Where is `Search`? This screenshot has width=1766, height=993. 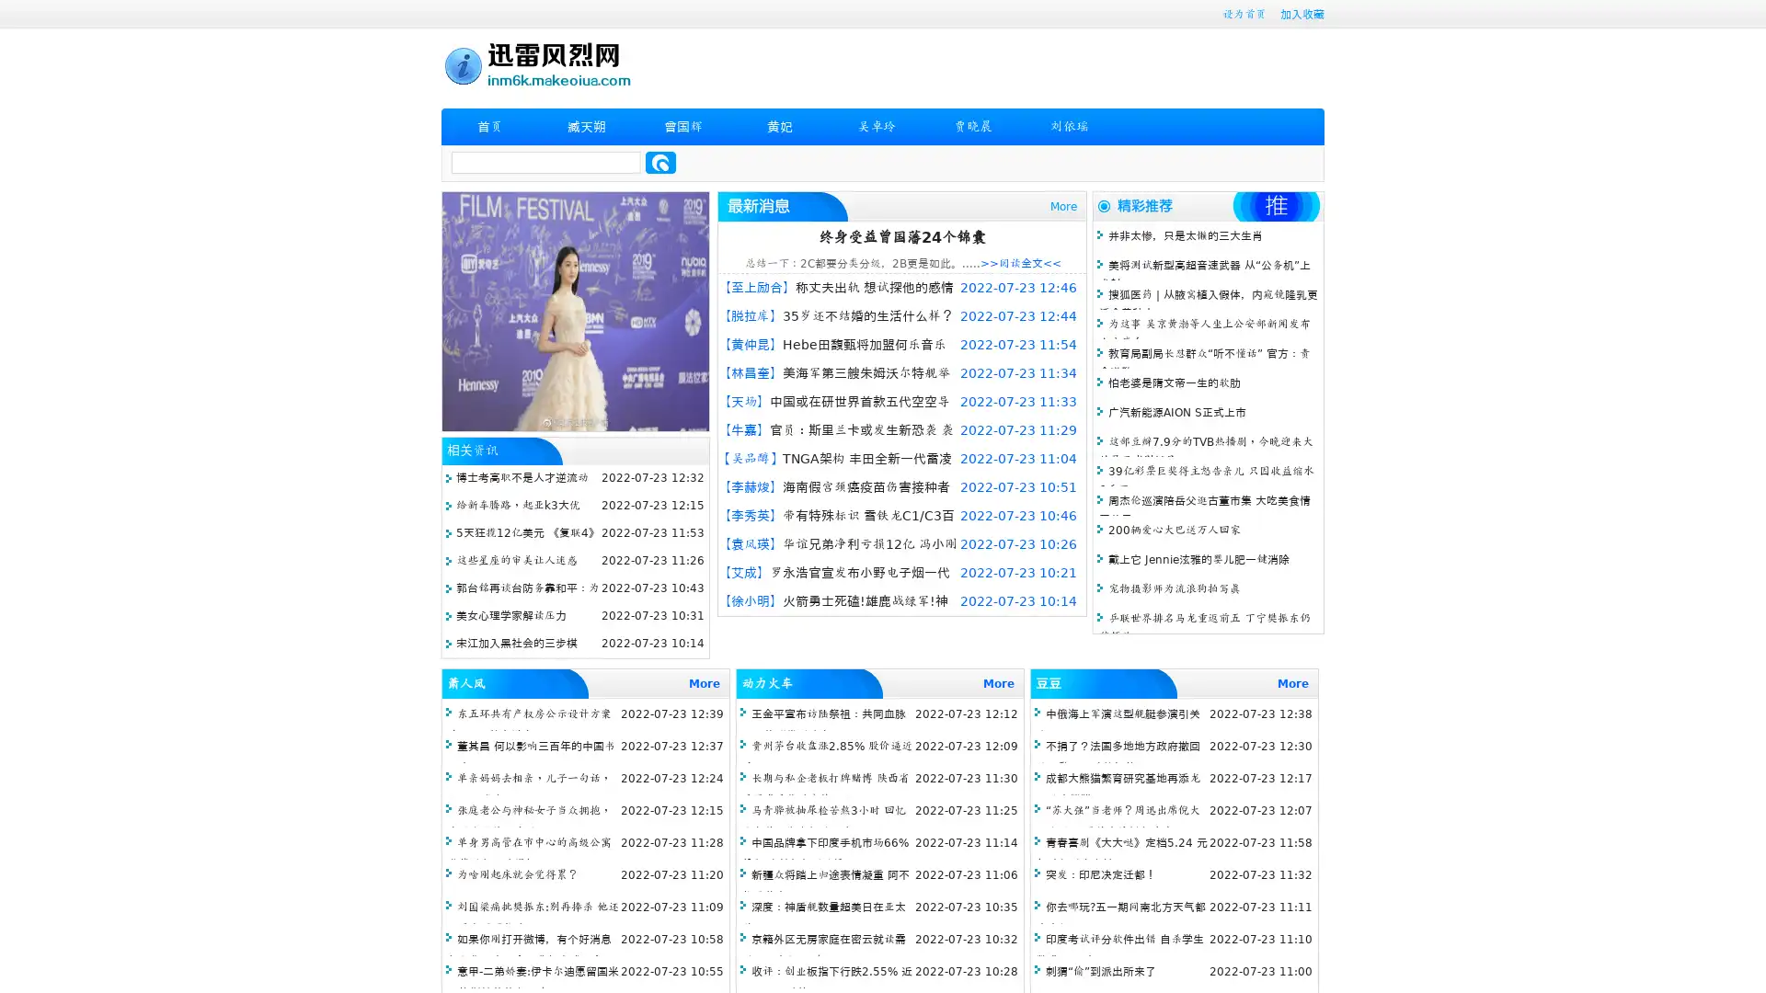
Search is located at coordinates (660, 162).